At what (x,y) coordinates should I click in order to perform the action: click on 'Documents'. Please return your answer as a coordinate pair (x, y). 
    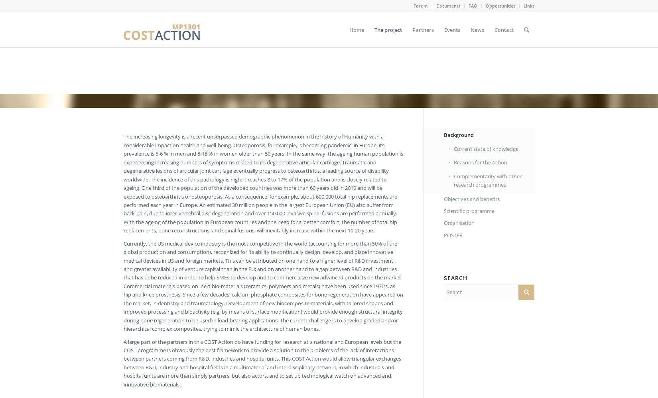
    Looking at the image, I should click on (448, 6).